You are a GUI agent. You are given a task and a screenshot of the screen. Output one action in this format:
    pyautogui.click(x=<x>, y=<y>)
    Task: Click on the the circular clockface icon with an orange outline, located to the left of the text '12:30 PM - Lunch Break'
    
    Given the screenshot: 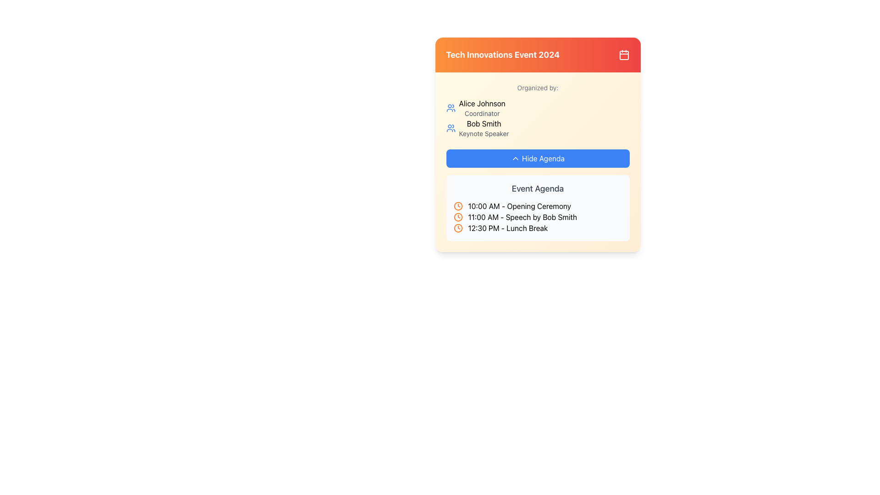 What is the action you would take?
    pyautogui.click(x=458, y=227)
    